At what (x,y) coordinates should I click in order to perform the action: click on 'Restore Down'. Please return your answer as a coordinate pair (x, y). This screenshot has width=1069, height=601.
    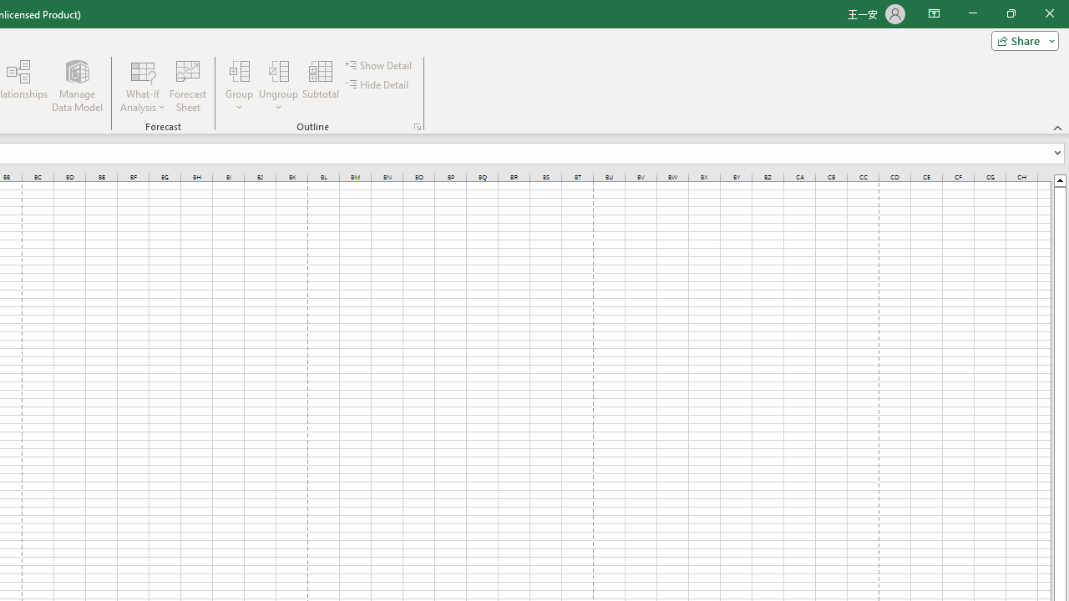
    Looking at the image, I should click on (1010, 13).